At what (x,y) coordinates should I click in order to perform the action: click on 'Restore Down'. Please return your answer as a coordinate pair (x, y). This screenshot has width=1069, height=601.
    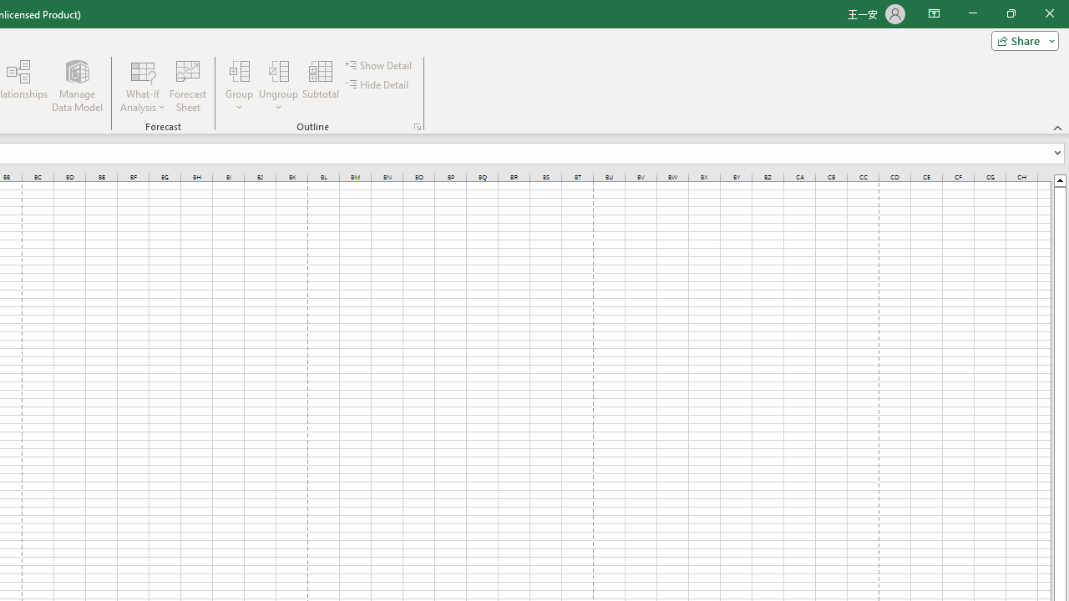
    Looking at the image, I should click on (1010, 13).